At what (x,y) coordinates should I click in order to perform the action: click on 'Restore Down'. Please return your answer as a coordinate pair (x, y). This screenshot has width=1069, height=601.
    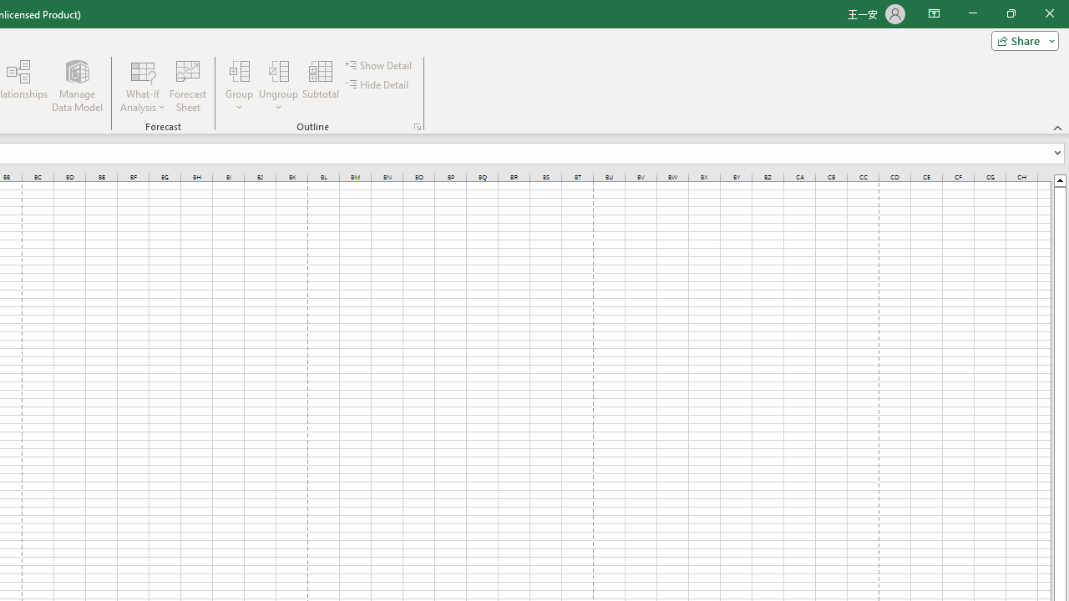
    Looking at the image, I should click on (1010, 13).